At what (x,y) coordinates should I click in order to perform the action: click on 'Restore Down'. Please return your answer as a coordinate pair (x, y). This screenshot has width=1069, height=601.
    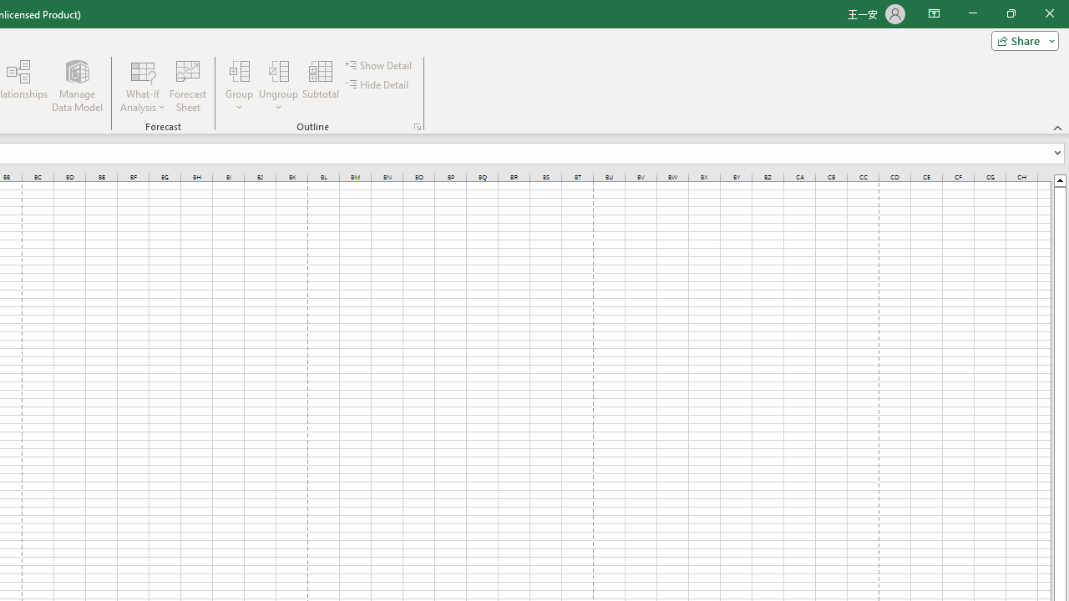
    Looking at the image, I should click on (1010, 13).